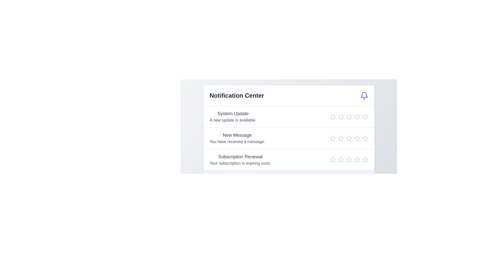  What do you see at coordinates (332, 138) in the screenshot?
I see `the star icon to set the rating to 1 for the notification titled 'New Message'` at bounding box center [332, 138].